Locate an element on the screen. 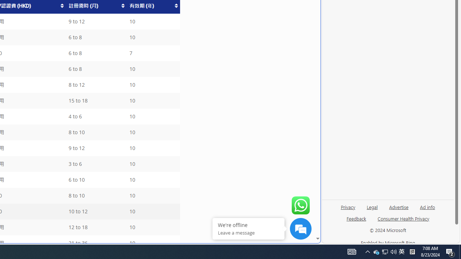  '15 to 18' is located at coordinates (95, 101).